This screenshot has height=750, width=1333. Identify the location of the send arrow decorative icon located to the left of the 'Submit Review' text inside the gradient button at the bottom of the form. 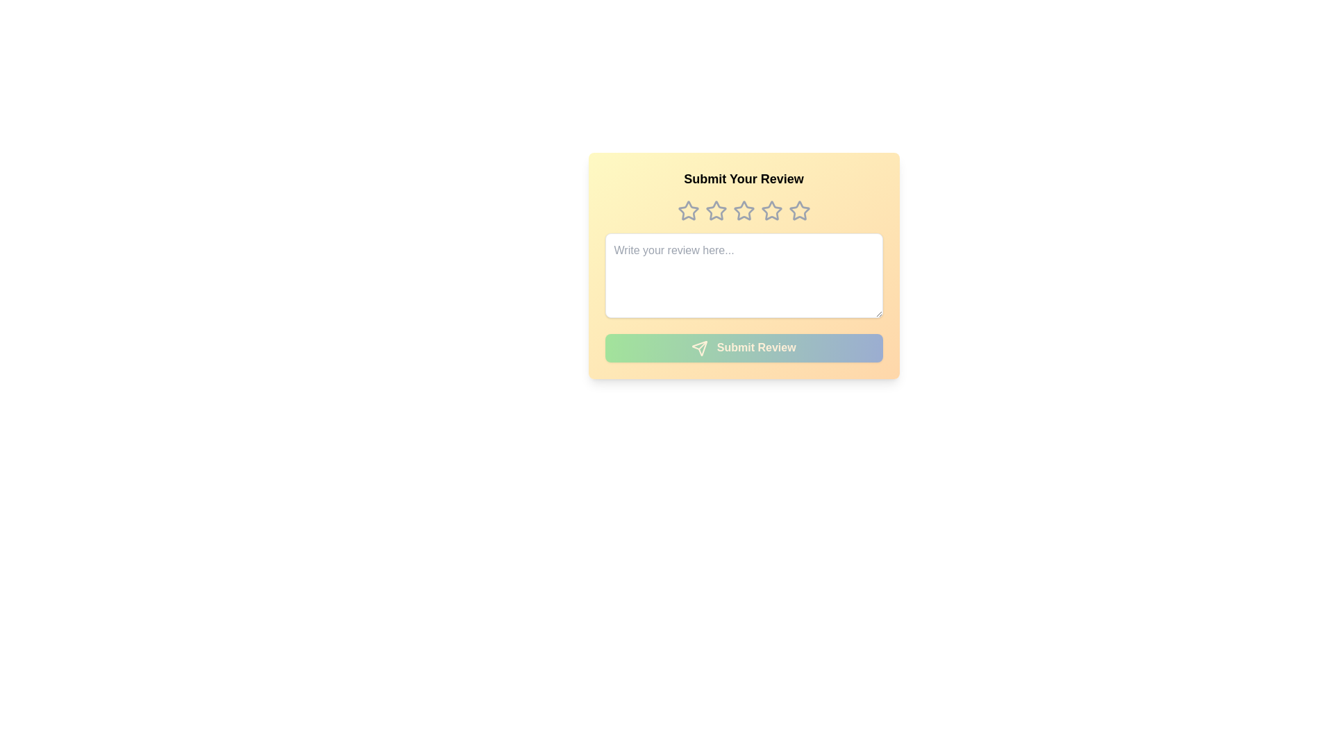
(700, 347).